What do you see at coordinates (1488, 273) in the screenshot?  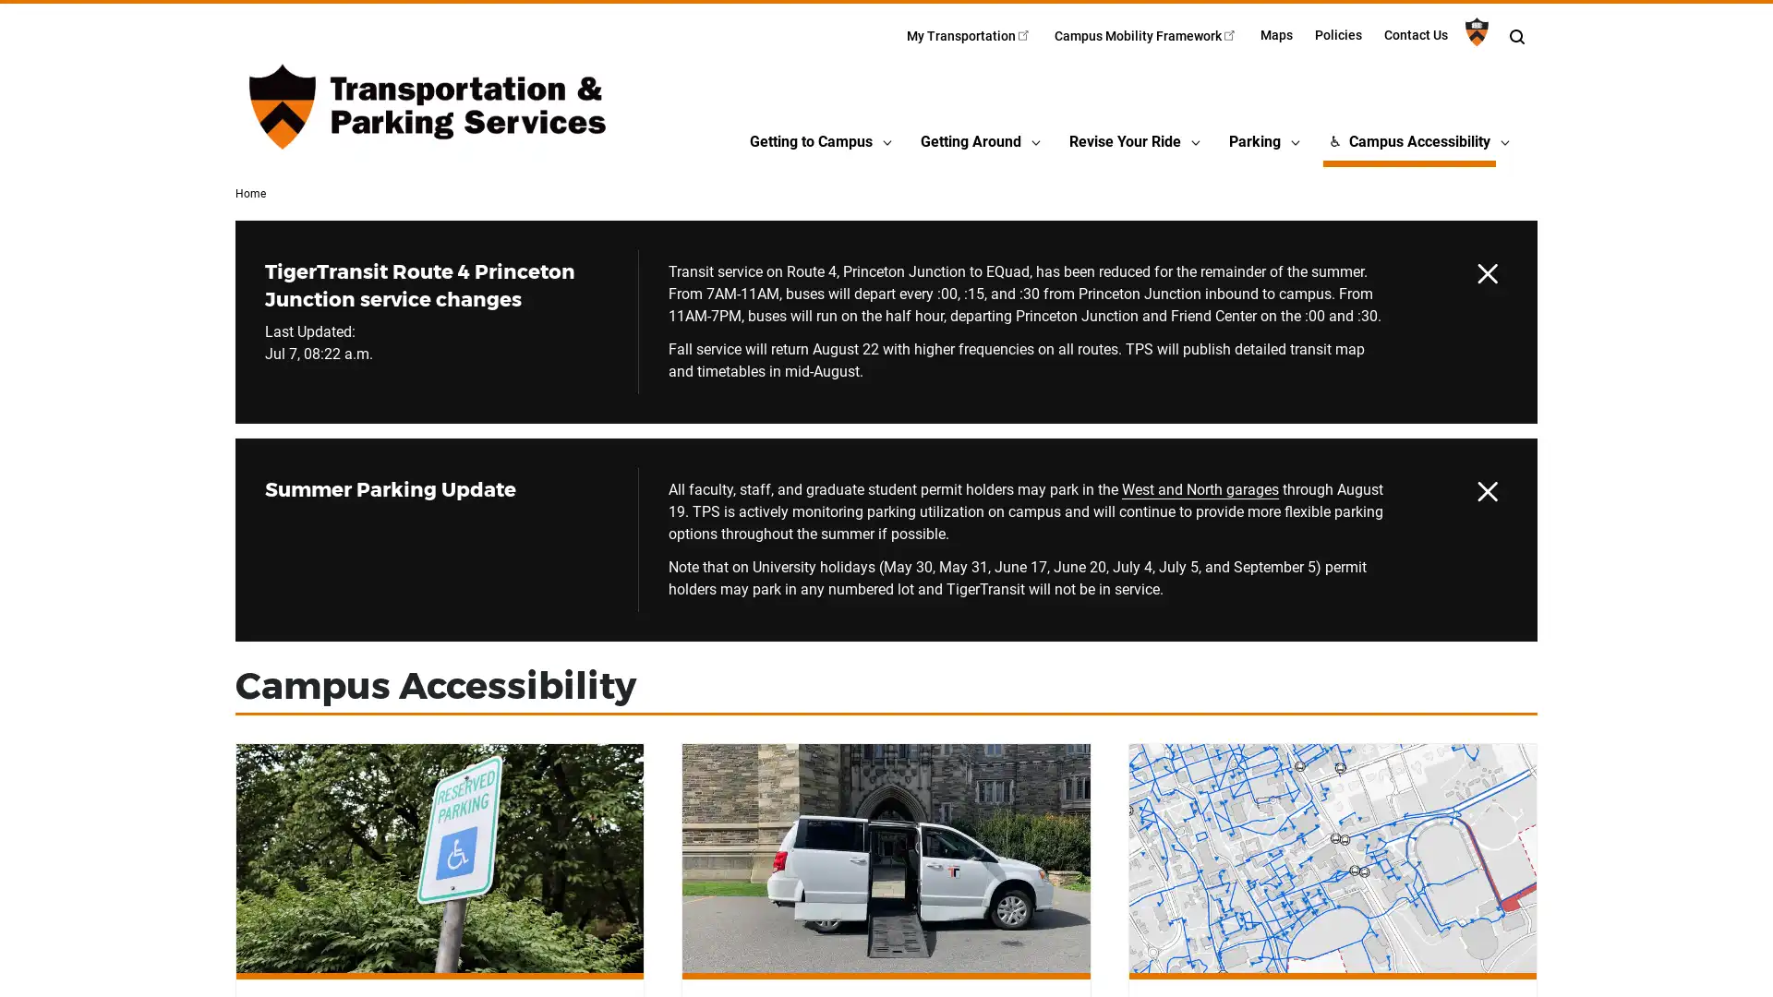 I see `Hide alert TigerTransit Route 4 Princeton Junction service changes until it is updated` at bounding box center [1488, 273].